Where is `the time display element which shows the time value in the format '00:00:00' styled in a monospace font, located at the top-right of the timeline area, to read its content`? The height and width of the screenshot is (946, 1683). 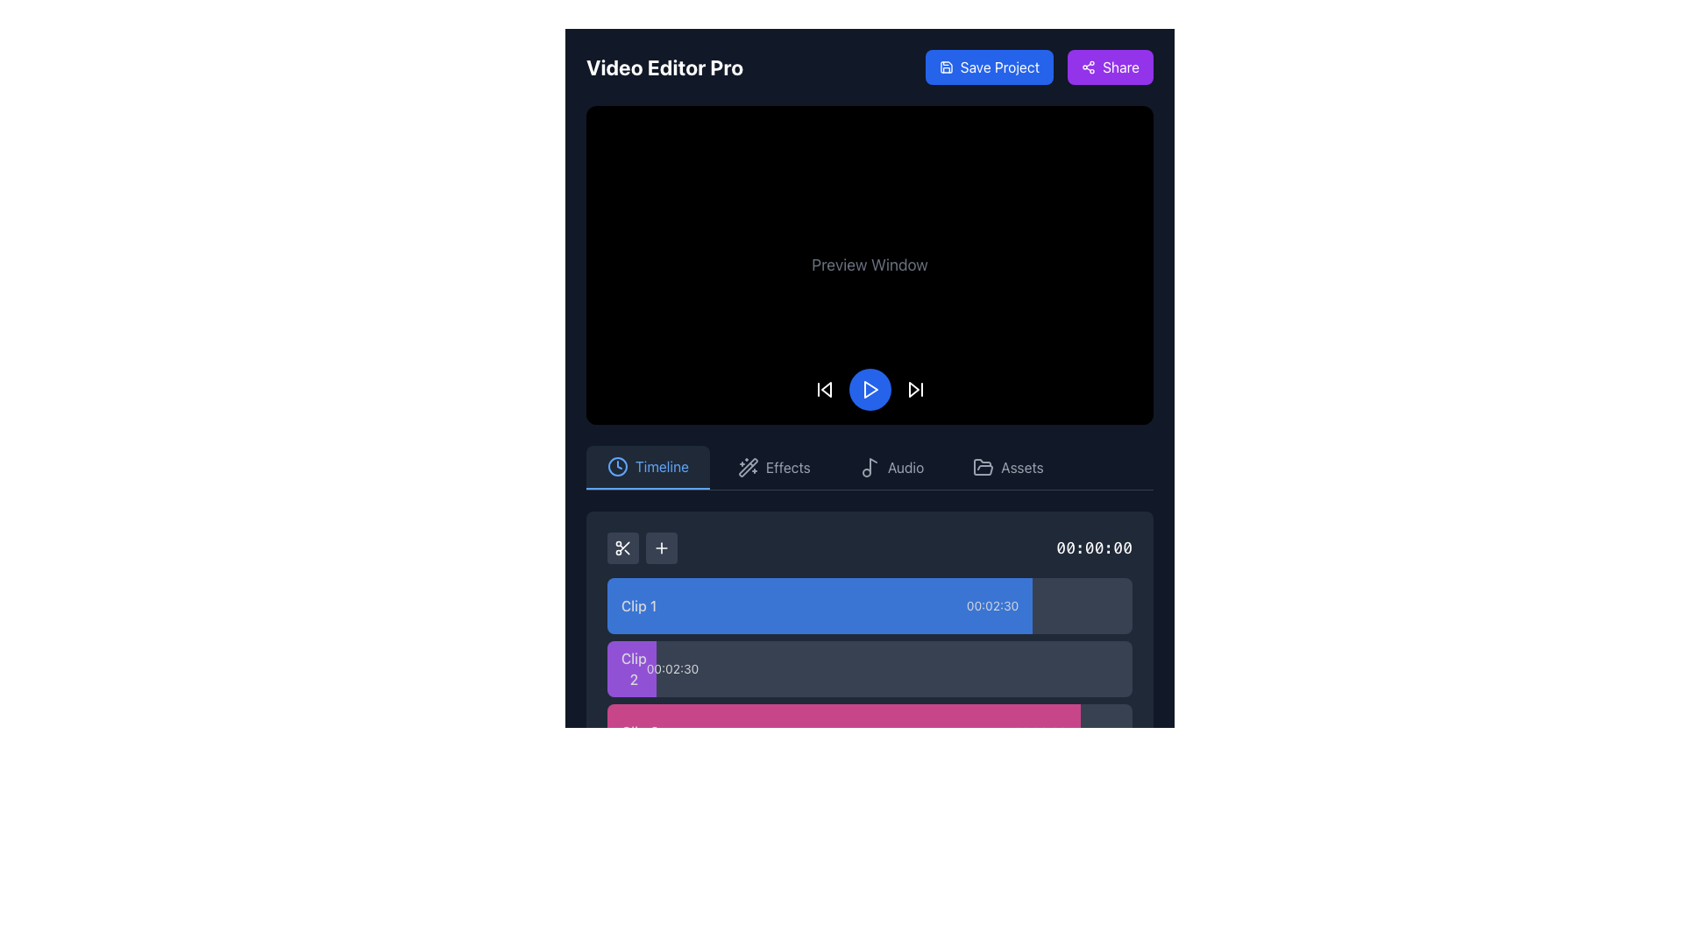 the time display element which shows the time value in the format '00:00:00' styled in a monospace font, located at the top-right of the timeline area, to read its content is located at coordinates (1093, 547).